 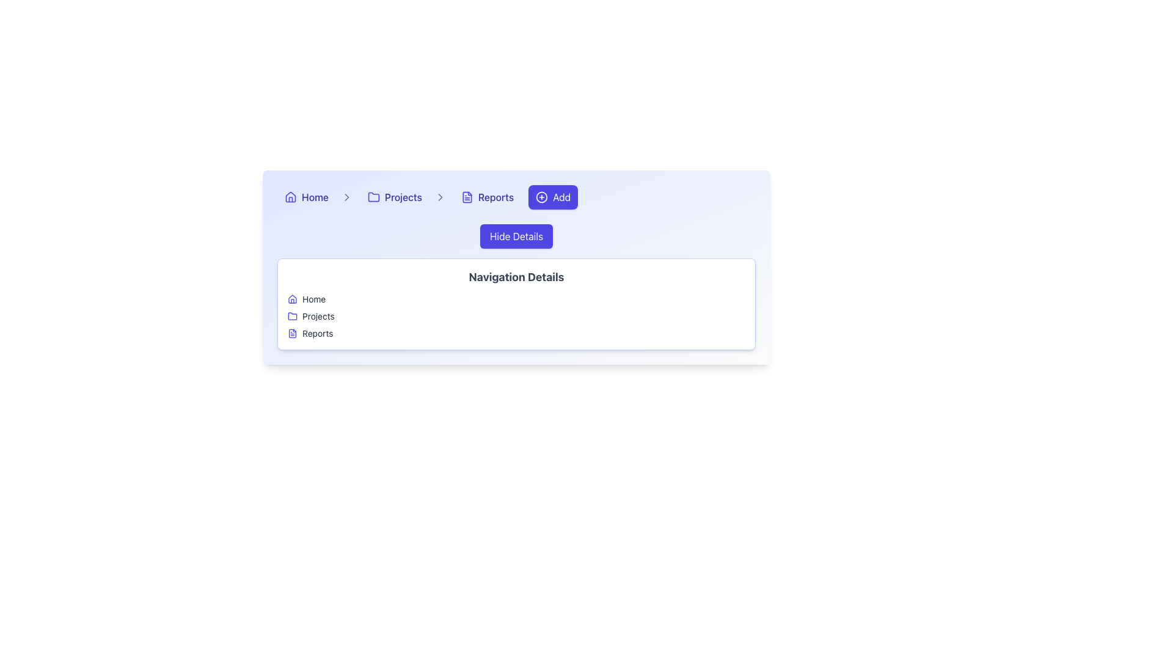 What do you see at coordinates (486, 197) in the screenshot?
I see `the 'Reports' breadcrumb navigation item` at bounding box center [486, 197].